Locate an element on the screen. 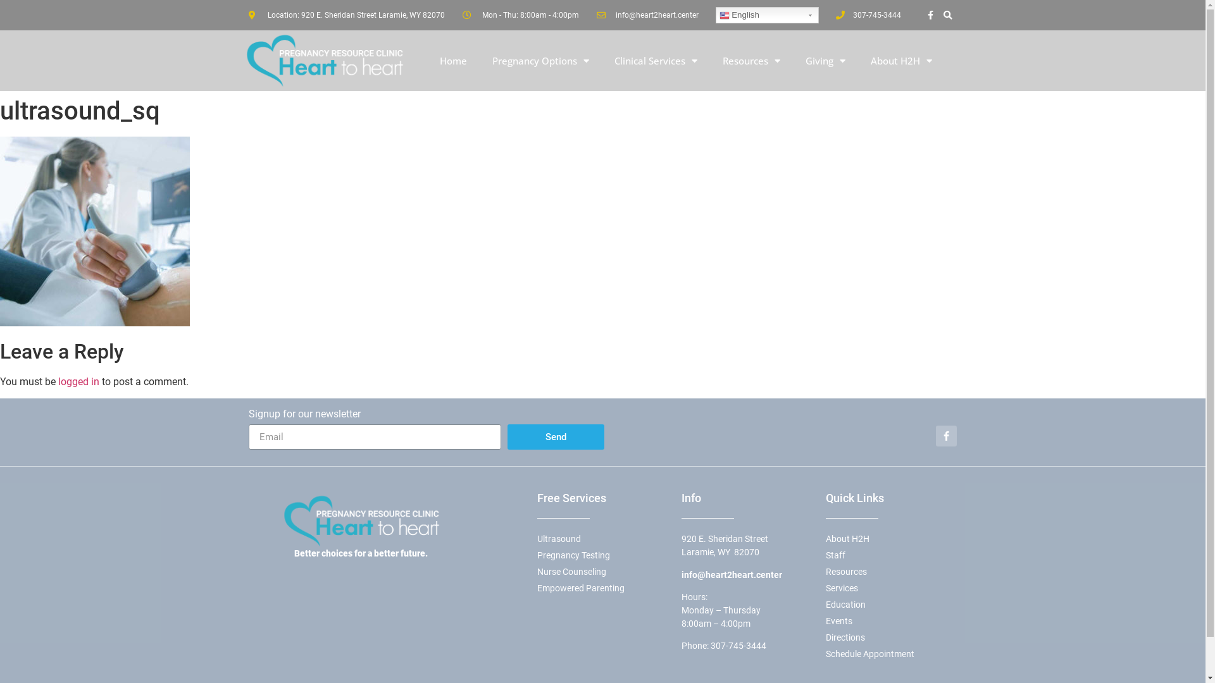 This screenshot has height=683, width=1215. 'info@heart2heart.center' is located at coordinates (647, 15).